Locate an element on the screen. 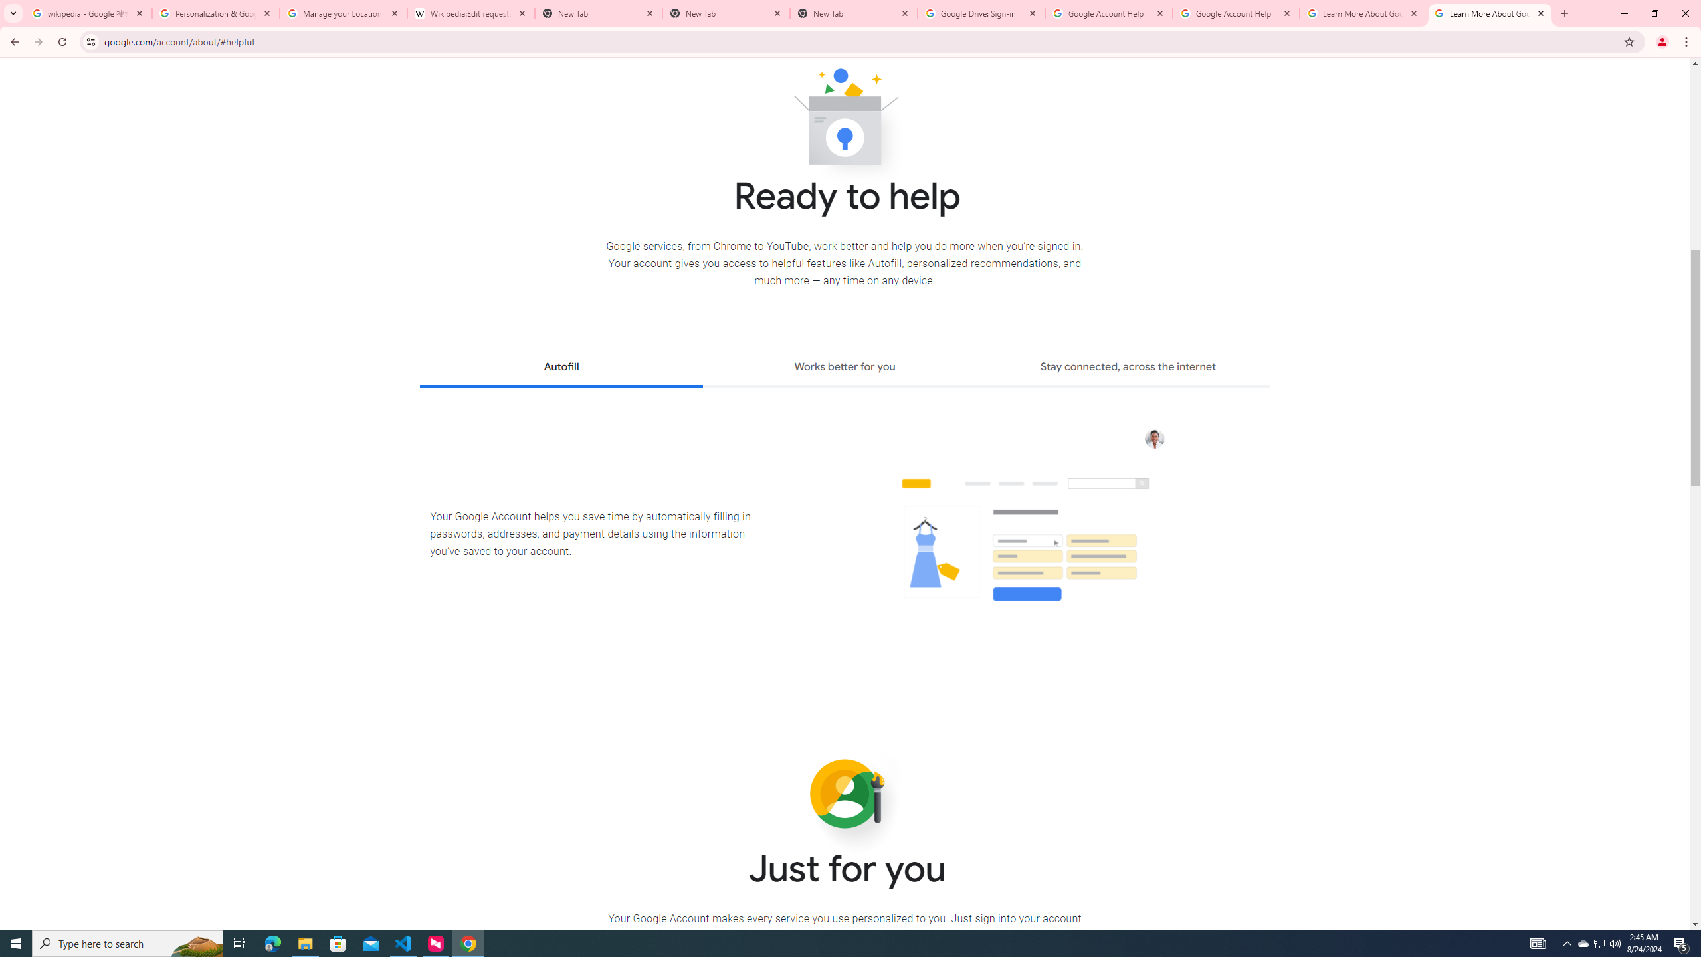  'Autofill' is located at coordinates (560, 368).